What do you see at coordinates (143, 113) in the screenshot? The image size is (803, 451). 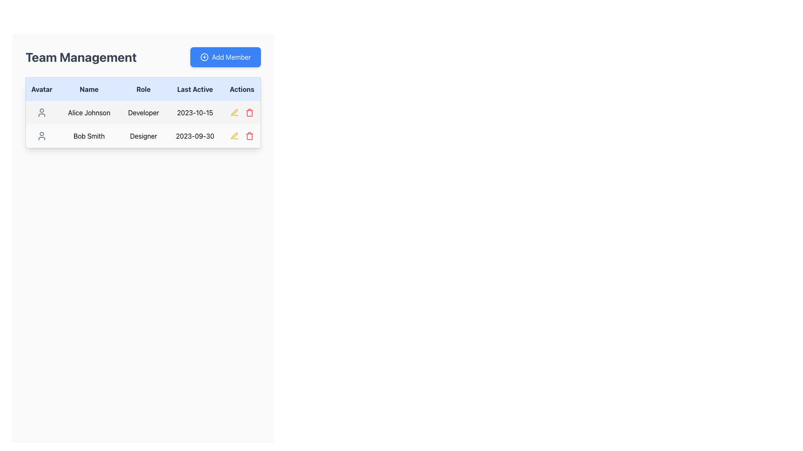 I see `the first row of the user table` at bounding box center [143, 113].